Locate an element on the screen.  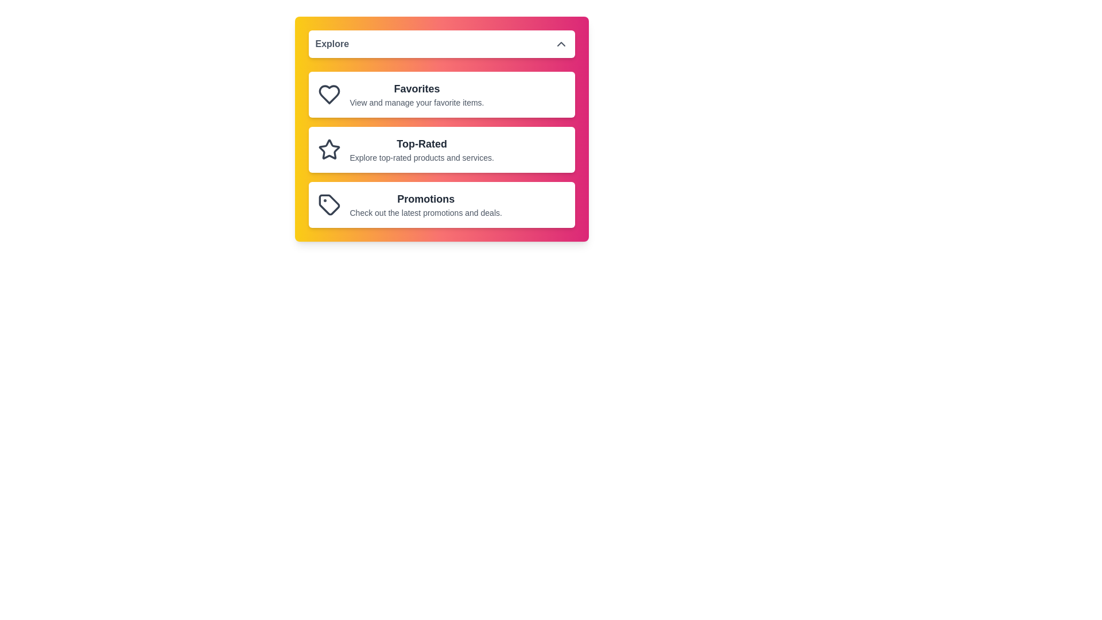
the menu item Favorites to observe its hover state is located at coordinates (441, 94).